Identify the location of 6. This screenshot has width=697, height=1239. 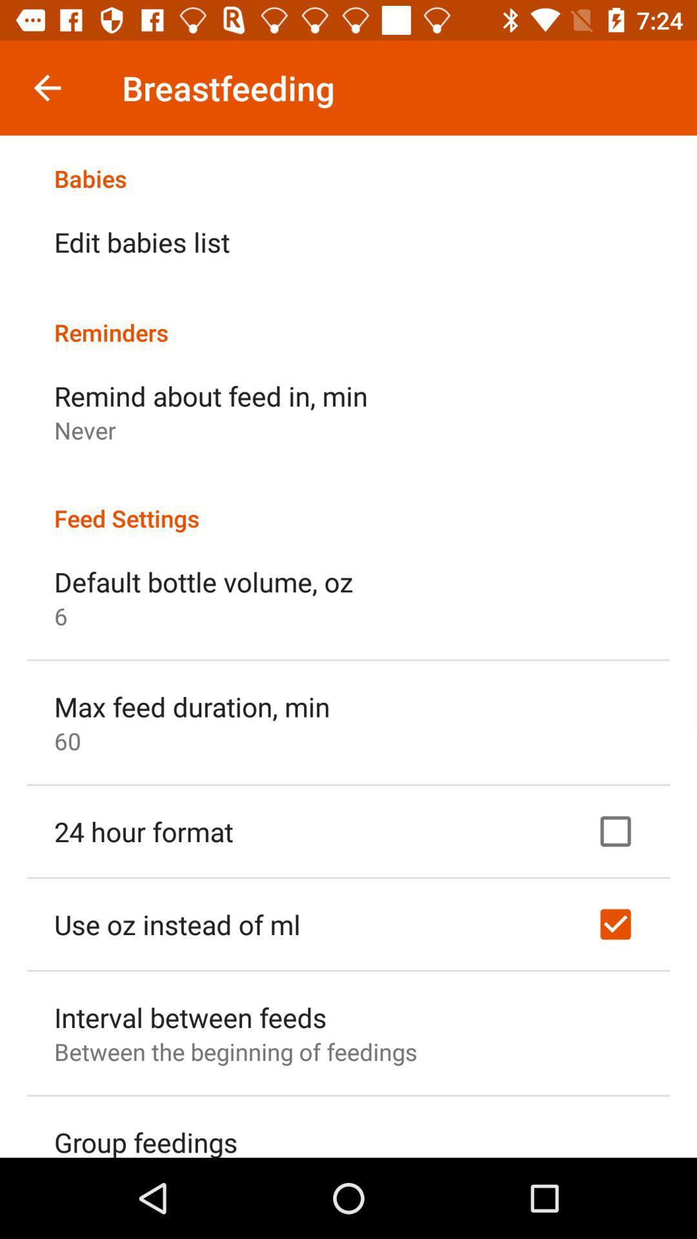
(61, 615).